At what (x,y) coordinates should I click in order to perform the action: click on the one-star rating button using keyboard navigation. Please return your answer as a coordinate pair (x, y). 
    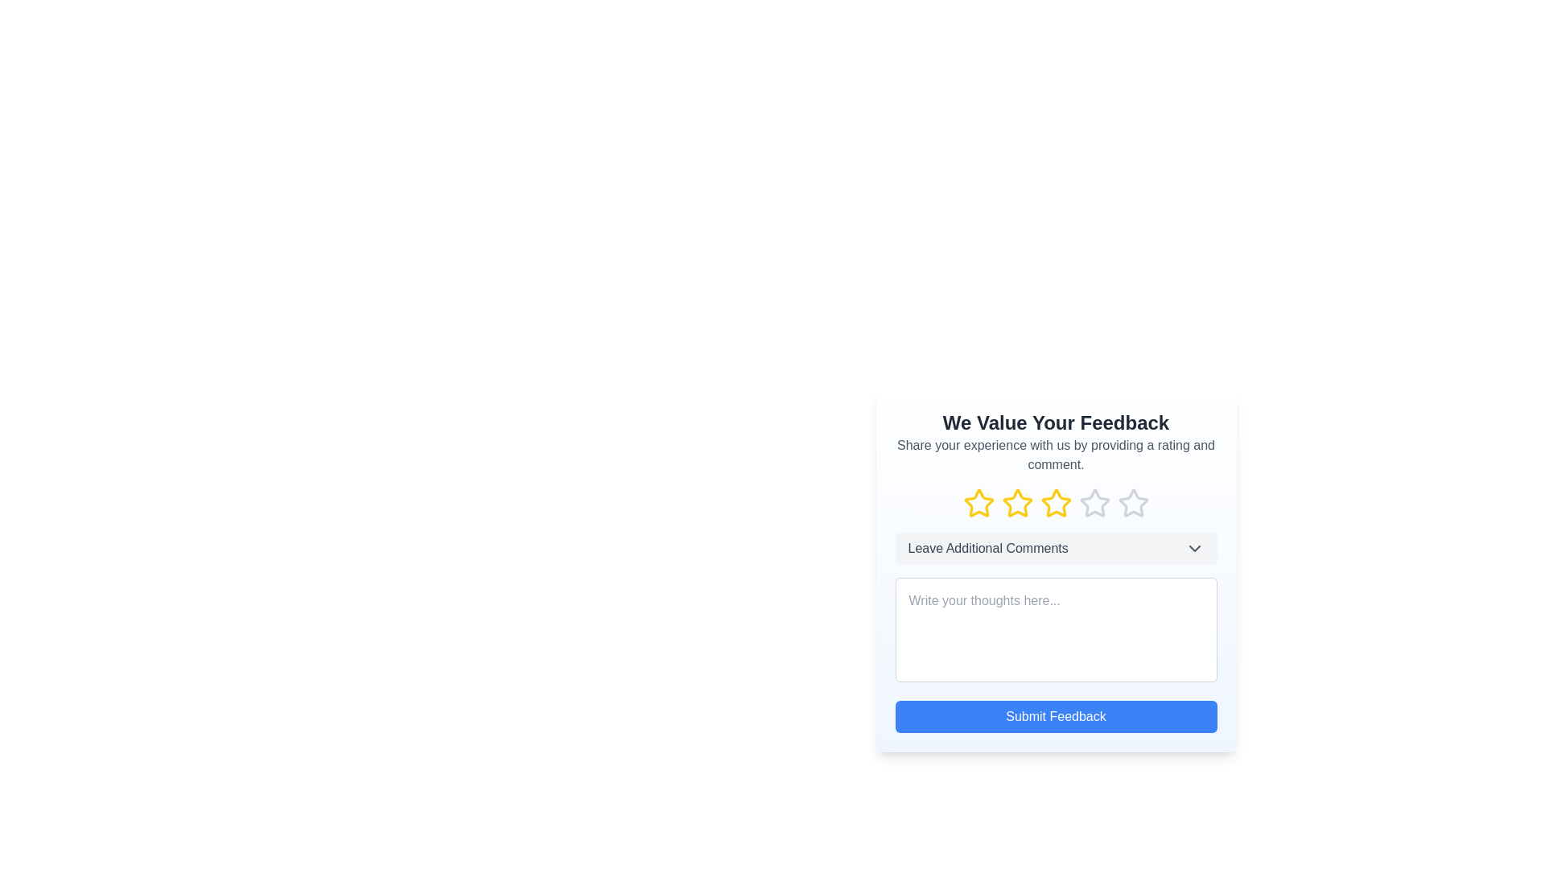
    Looking at the image, I should click on (978, 502).